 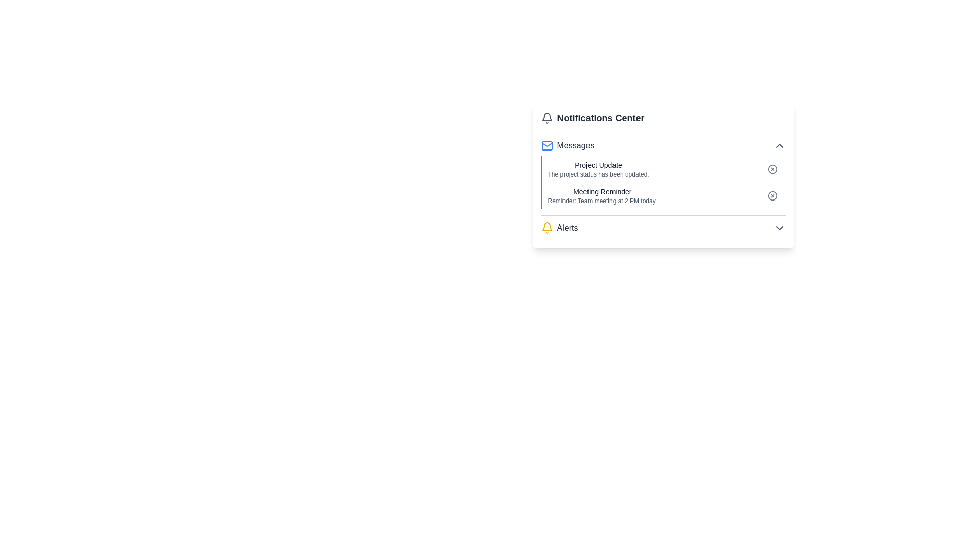 What do you see at coordinates (772, 168) in the screenshot?
I see `the SVG circle element used for closing or dismissing a message notification within the 'Messages' column of the notification widget` at bounding box center [772, 168].